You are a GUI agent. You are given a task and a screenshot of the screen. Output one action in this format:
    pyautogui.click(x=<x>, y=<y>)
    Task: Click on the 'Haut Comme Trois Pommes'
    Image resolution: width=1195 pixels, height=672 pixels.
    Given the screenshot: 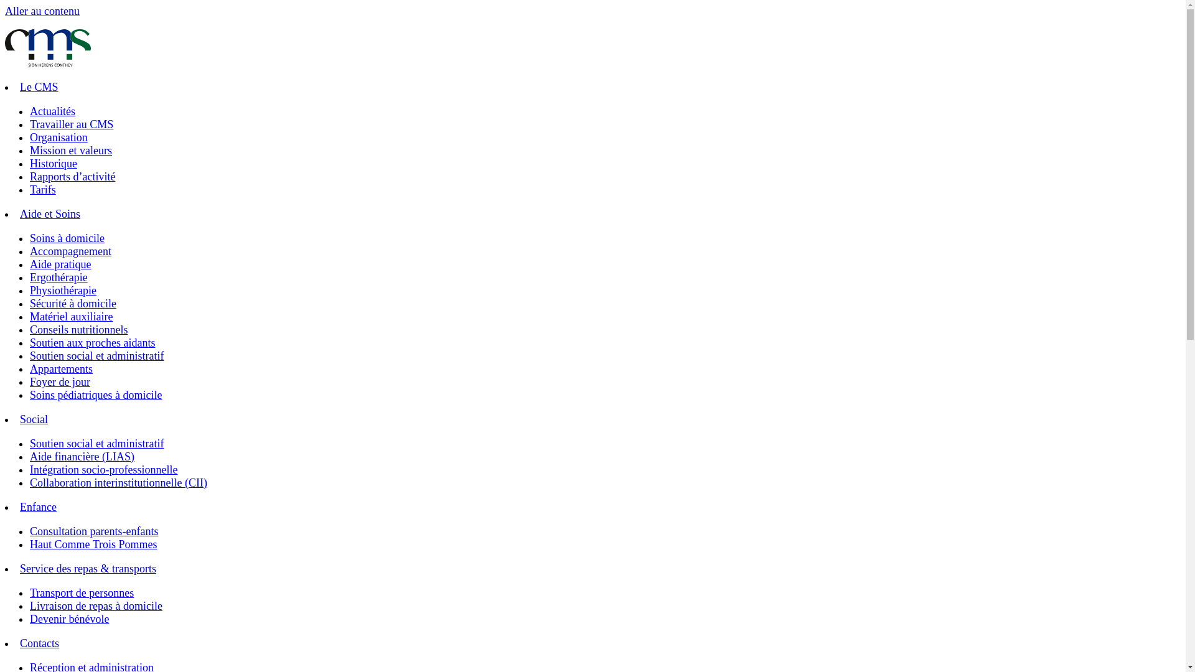 What is the action you would take?
    pyautogui.click(x=93, y=544)
    